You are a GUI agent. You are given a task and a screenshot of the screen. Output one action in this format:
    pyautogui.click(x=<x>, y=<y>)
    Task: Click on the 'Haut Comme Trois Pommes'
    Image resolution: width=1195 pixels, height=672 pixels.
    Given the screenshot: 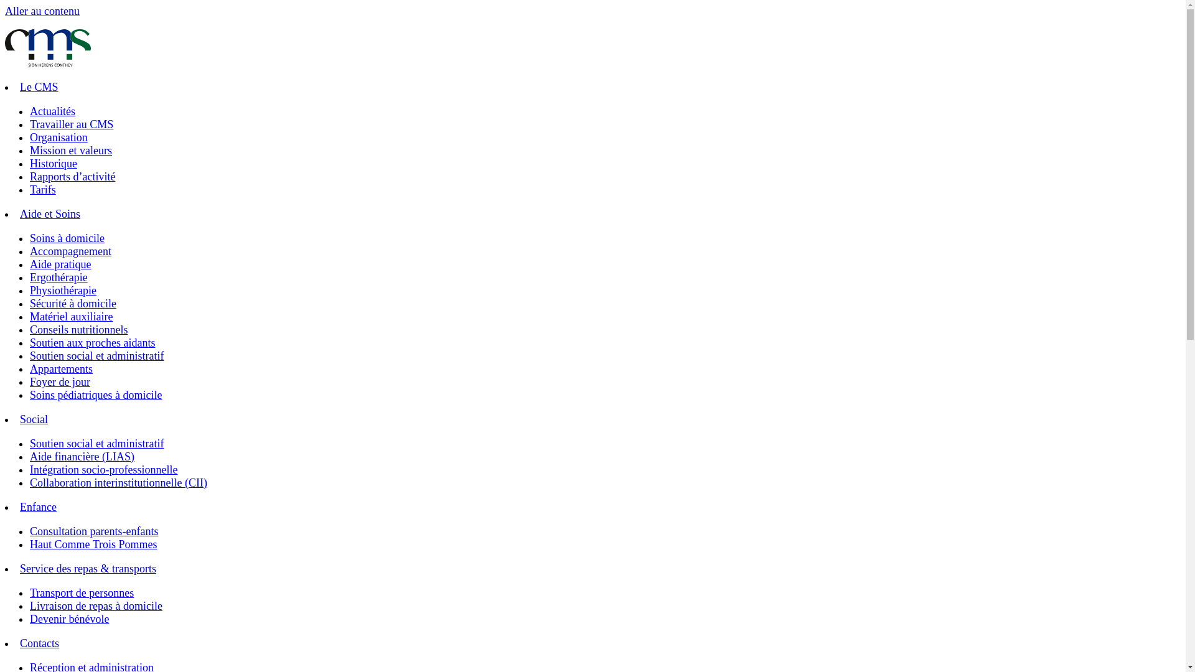 What is the action you would take?
    pyautogui.click(x=93, y=544)
    